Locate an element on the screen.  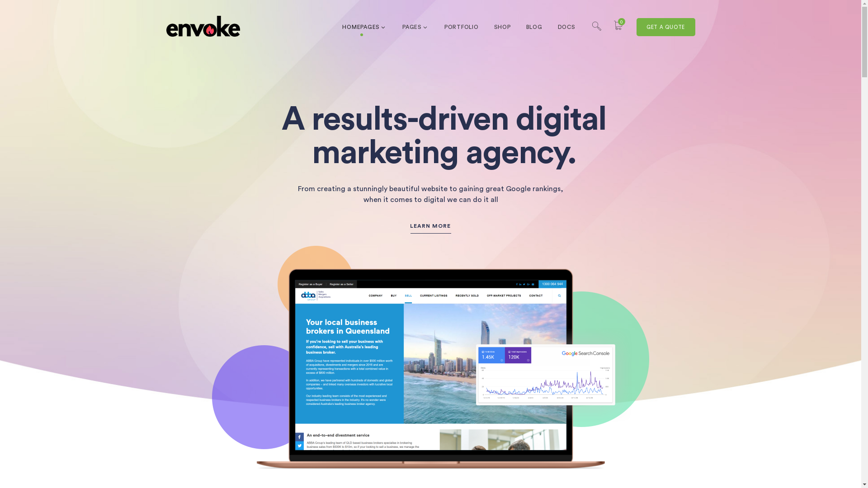
'PORTFOLIO' is located at coordinates (462, 27).